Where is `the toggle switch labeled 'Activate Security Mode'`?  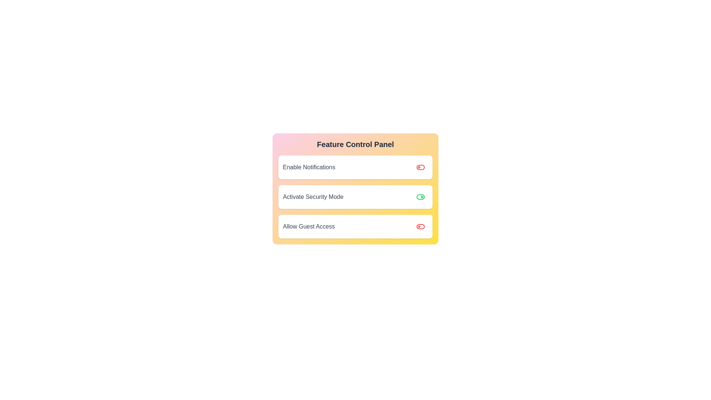 the toggle switch labeled 'Activate Security Mode' is located at coordinates (355, 197).